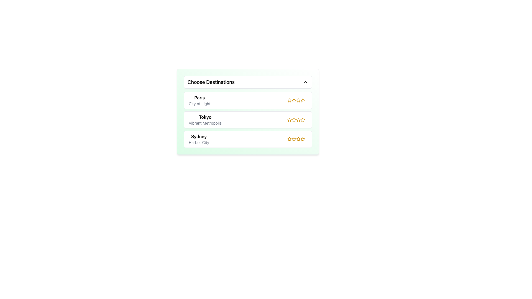 The image size is (532, 299). I want to click on the fifth star-shaped icon in the rating system for 'Sydney - Harbor City', so click(303, 139).